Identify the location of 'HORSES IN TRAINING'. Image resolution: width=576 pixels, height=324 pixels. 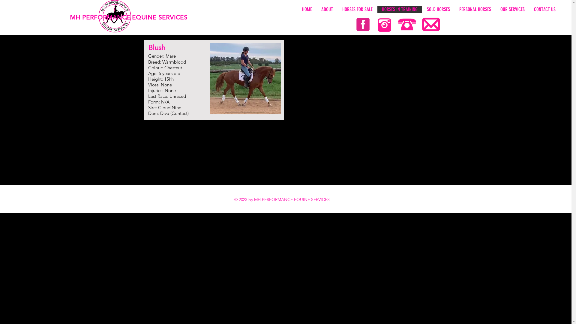
(399, 9).